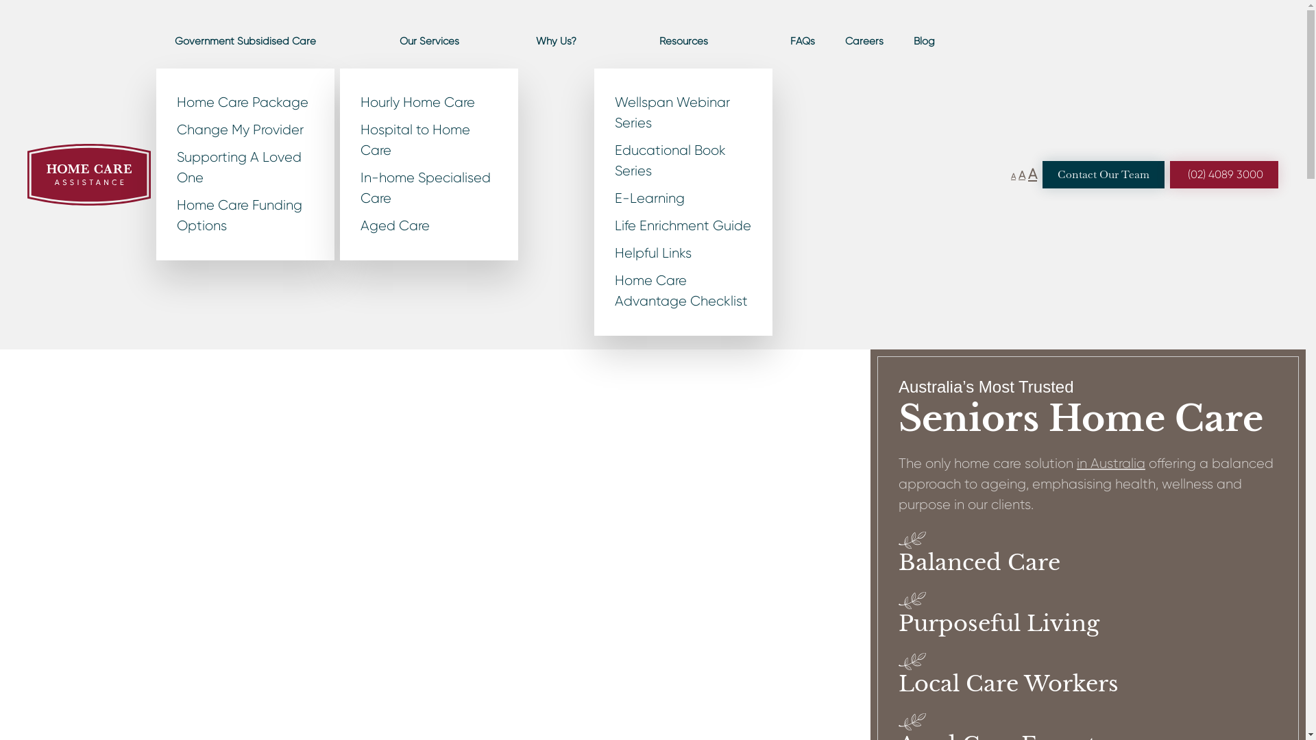 This screenshot has height=740, width=1316. I want to click on 'Contact Our Team', so click(1103, 173).